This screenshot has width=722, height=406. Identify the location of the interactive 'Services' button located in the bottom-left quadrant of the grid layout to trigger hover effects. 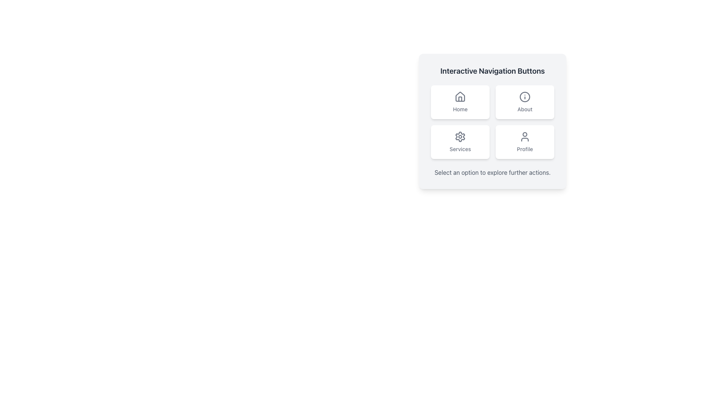
(460, 142).